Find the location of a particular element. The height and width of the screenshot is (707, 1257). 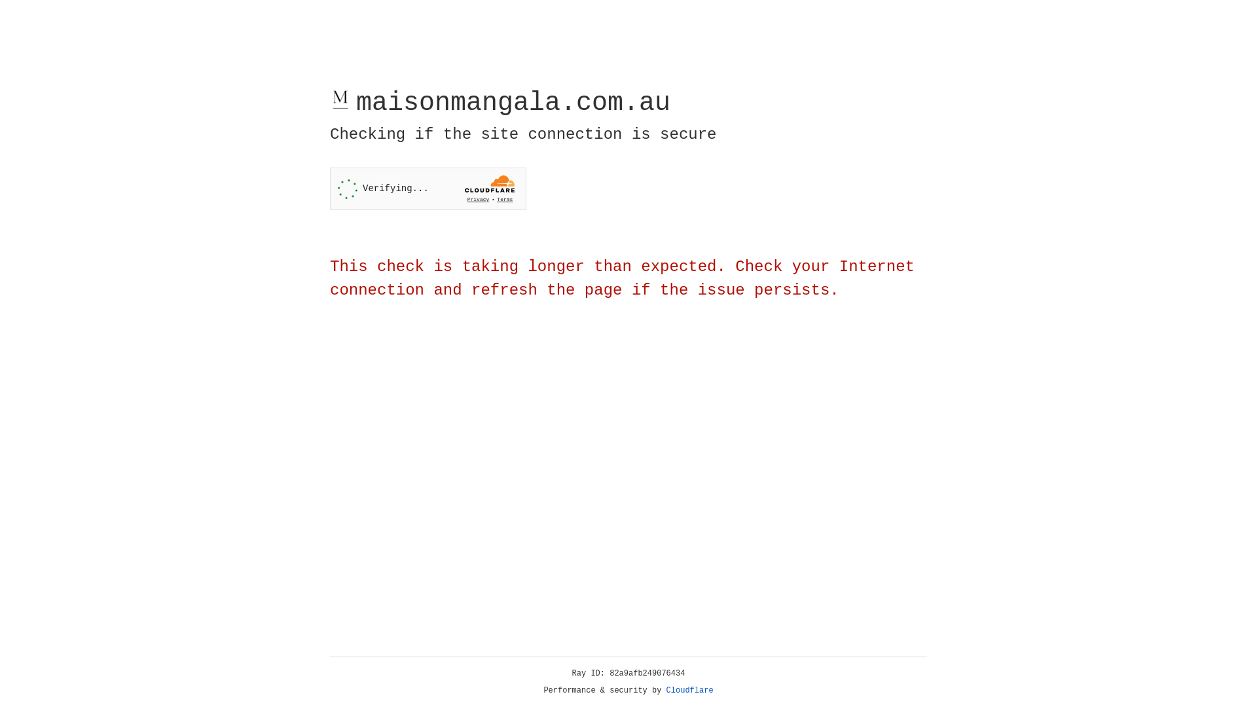

'Cloudflare' is located at coordinates (689, 690).